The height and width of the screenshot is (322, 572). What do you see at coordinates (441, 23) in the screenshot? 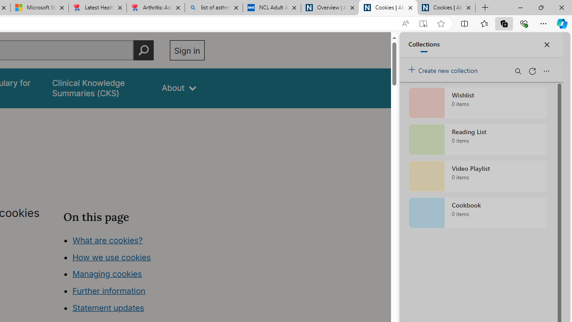
I see `'Add this page to favorites (Ctrl+D)'` at bounding box center [441, 23].